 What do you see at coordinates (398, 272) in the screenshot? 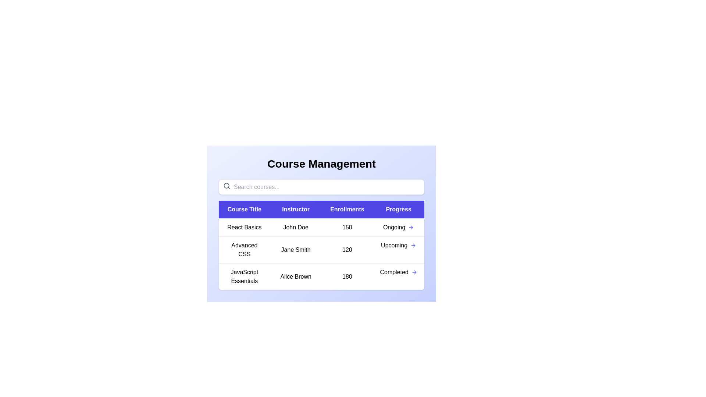
I see `the progress indicator for the course titled 'JavaScript Essentials'` at bounding box center [398, 272].